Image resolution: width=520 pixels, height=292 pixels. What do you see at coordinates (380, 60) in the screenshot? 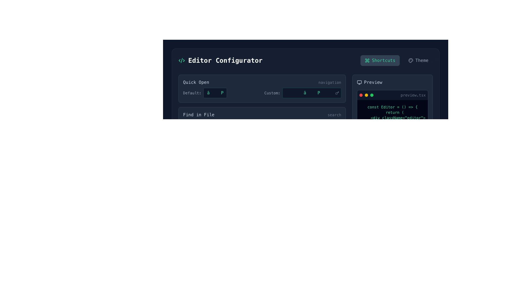
I see `the 'Shortcuts' button, which has a dark background, green text, and a command key icon on the left, located in the top-right section of the interface` at bounding box center [380, 60].